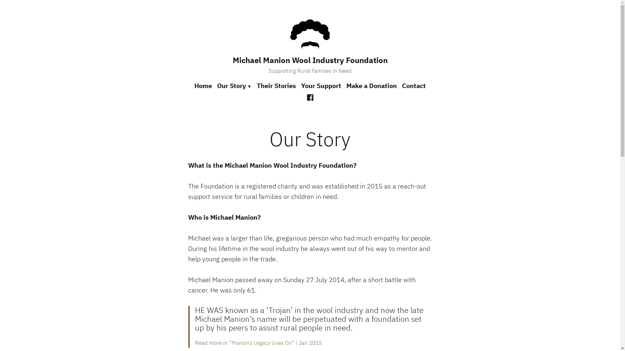 The image size is (625, 351). I want to click on 'Their Stories', so click(276, 86).